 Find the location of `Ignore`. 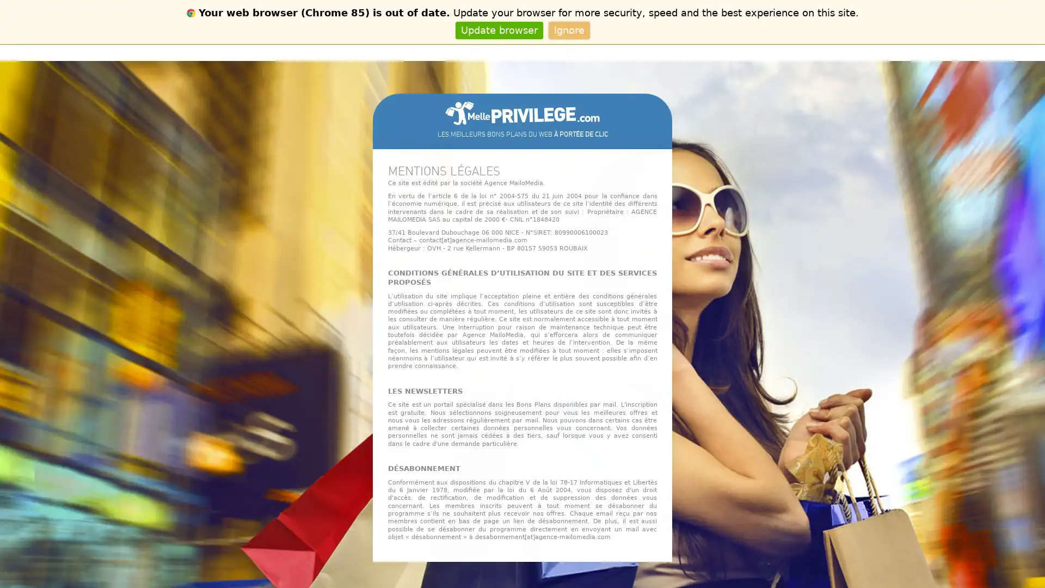

Ignore is located at coordinates (568, 29).